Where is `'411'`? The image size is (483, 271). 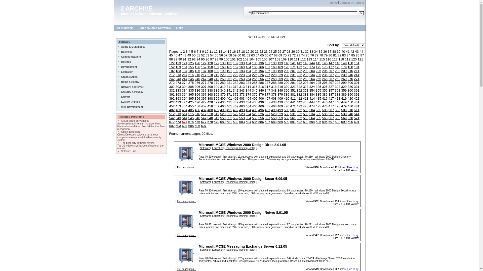
'411' is located at coordinates (293, 98).